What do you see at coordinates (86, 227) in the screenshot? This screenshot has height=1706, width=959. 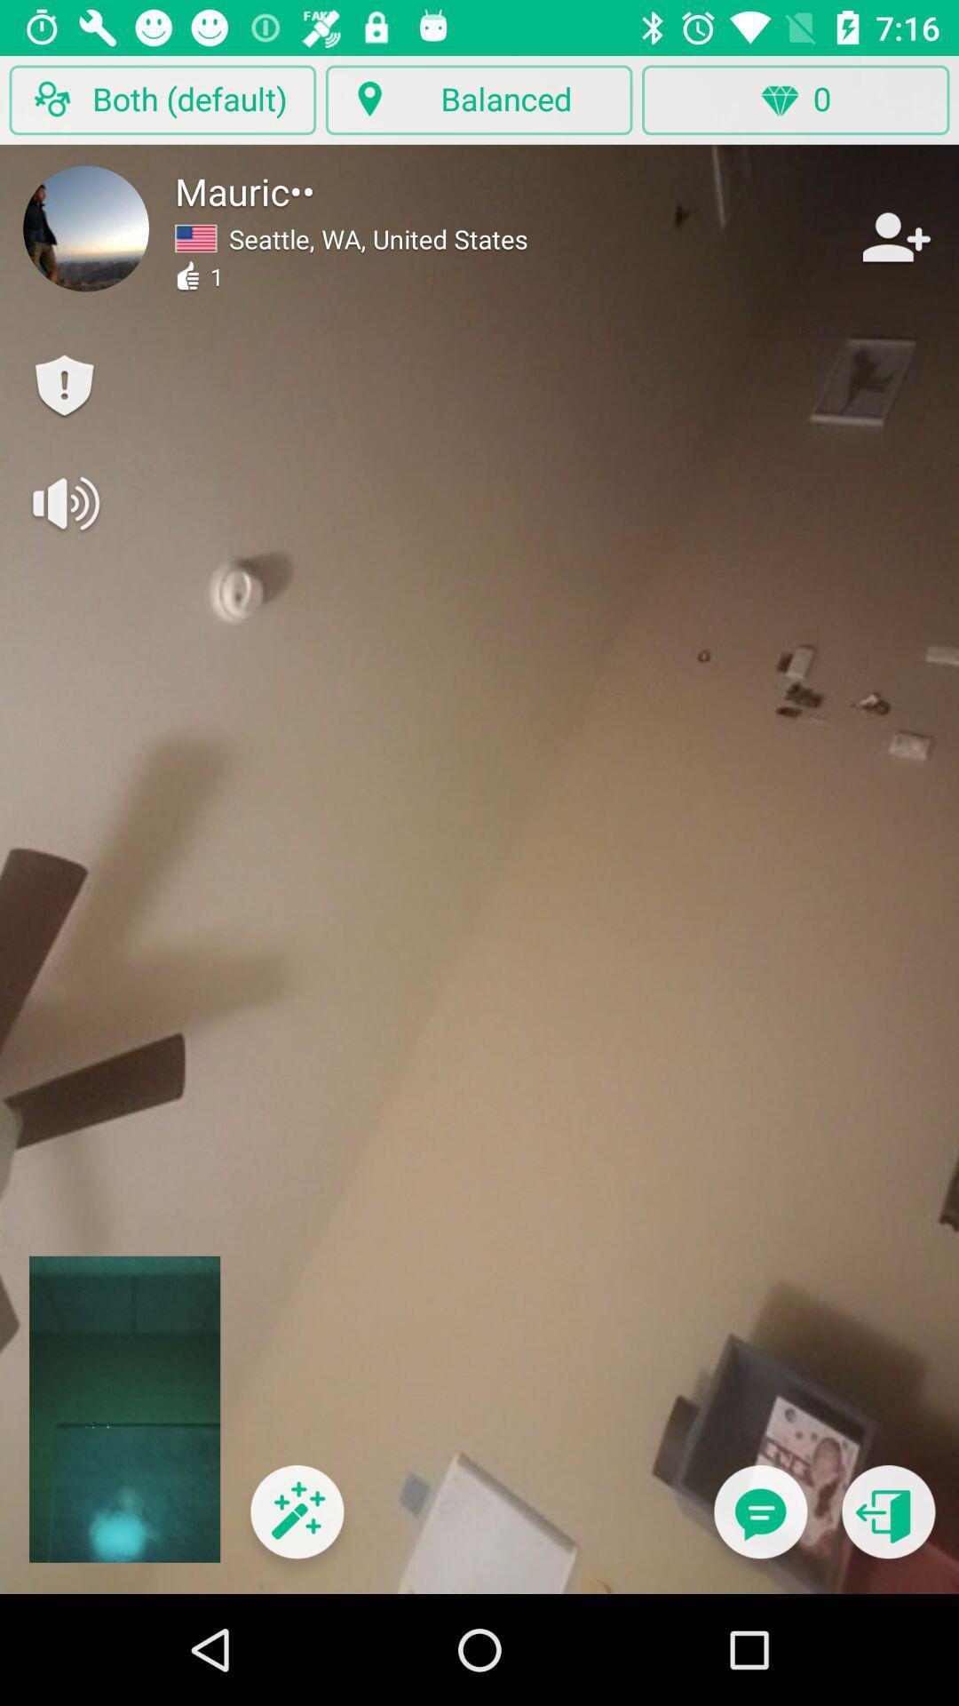 I see `profile` at bounding box center [86, 227].